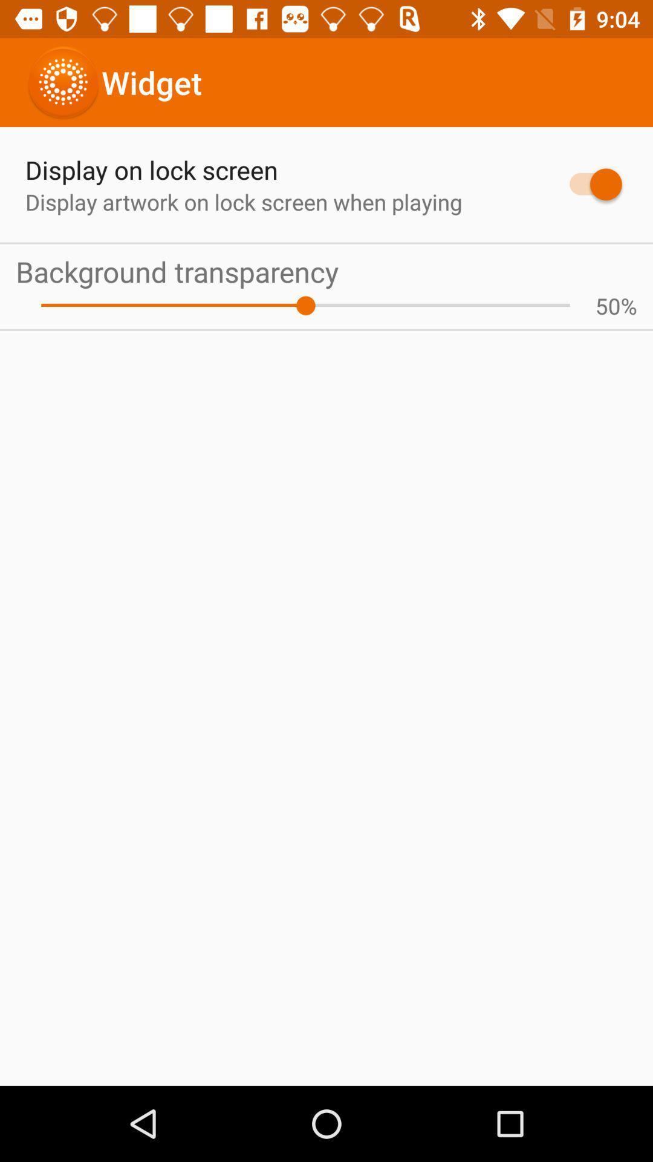 The width and height of the screenshot is (653, 1162). I want to click on the % icon, so click(628, 306).